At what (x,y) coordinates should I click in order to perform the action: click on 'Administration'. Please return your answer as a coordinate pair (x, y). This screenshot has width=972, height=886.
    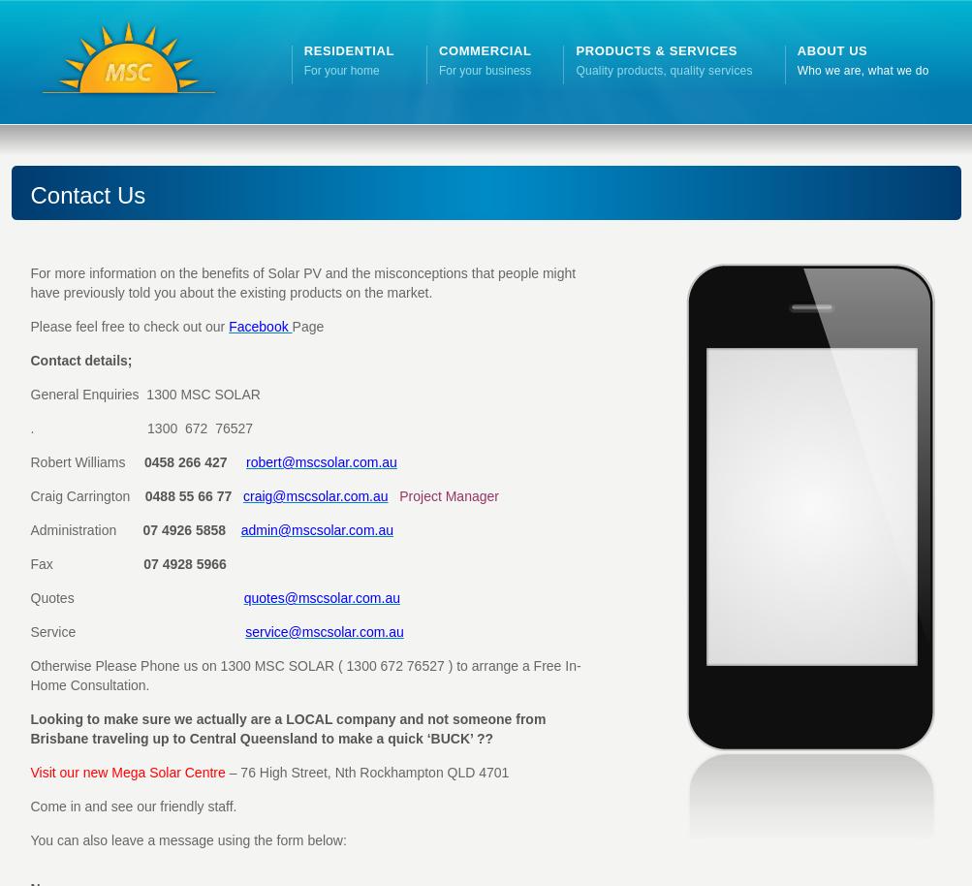
    Looking at the image, I should click on (29, 529).